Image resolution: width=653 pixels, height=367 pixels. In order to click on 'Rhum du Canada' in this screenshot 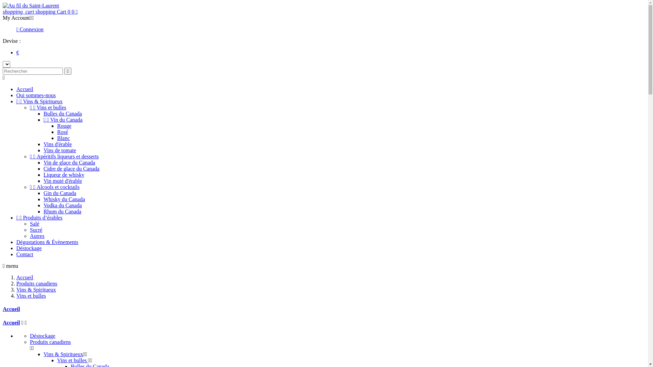, I will do `click(43, 211)`.